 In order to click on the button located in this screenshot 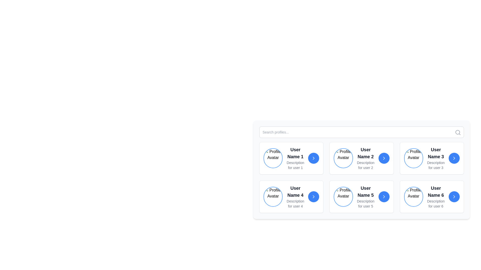, I will do `click(384, 196)`.